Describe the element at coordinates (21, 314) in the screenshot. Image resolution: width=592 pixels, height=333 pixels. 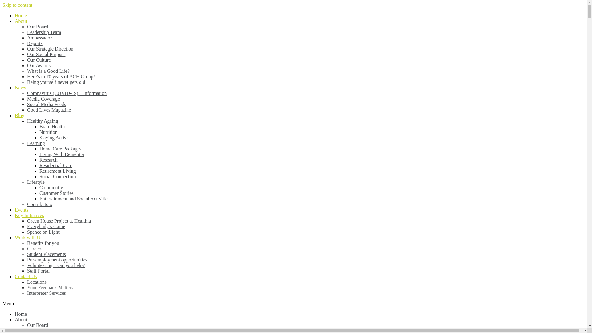
I see `'Home'` at that location.